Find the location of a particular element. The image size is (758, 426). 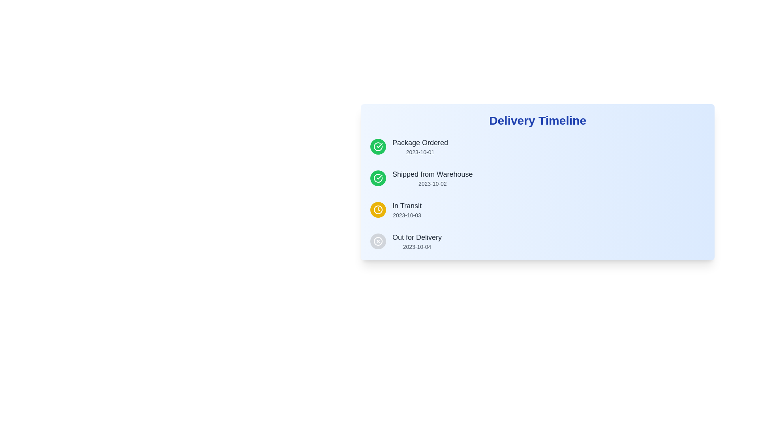

the 'In Transit' status label located in the delivery timeline is located at coordinates (407, 209).